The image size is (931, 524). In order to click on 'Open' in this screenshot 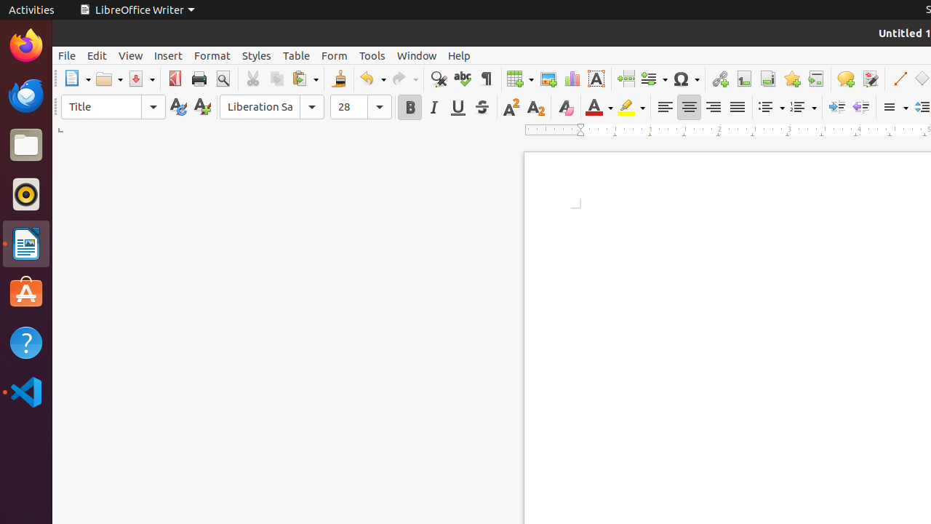, I will do `click(108, 79)`.